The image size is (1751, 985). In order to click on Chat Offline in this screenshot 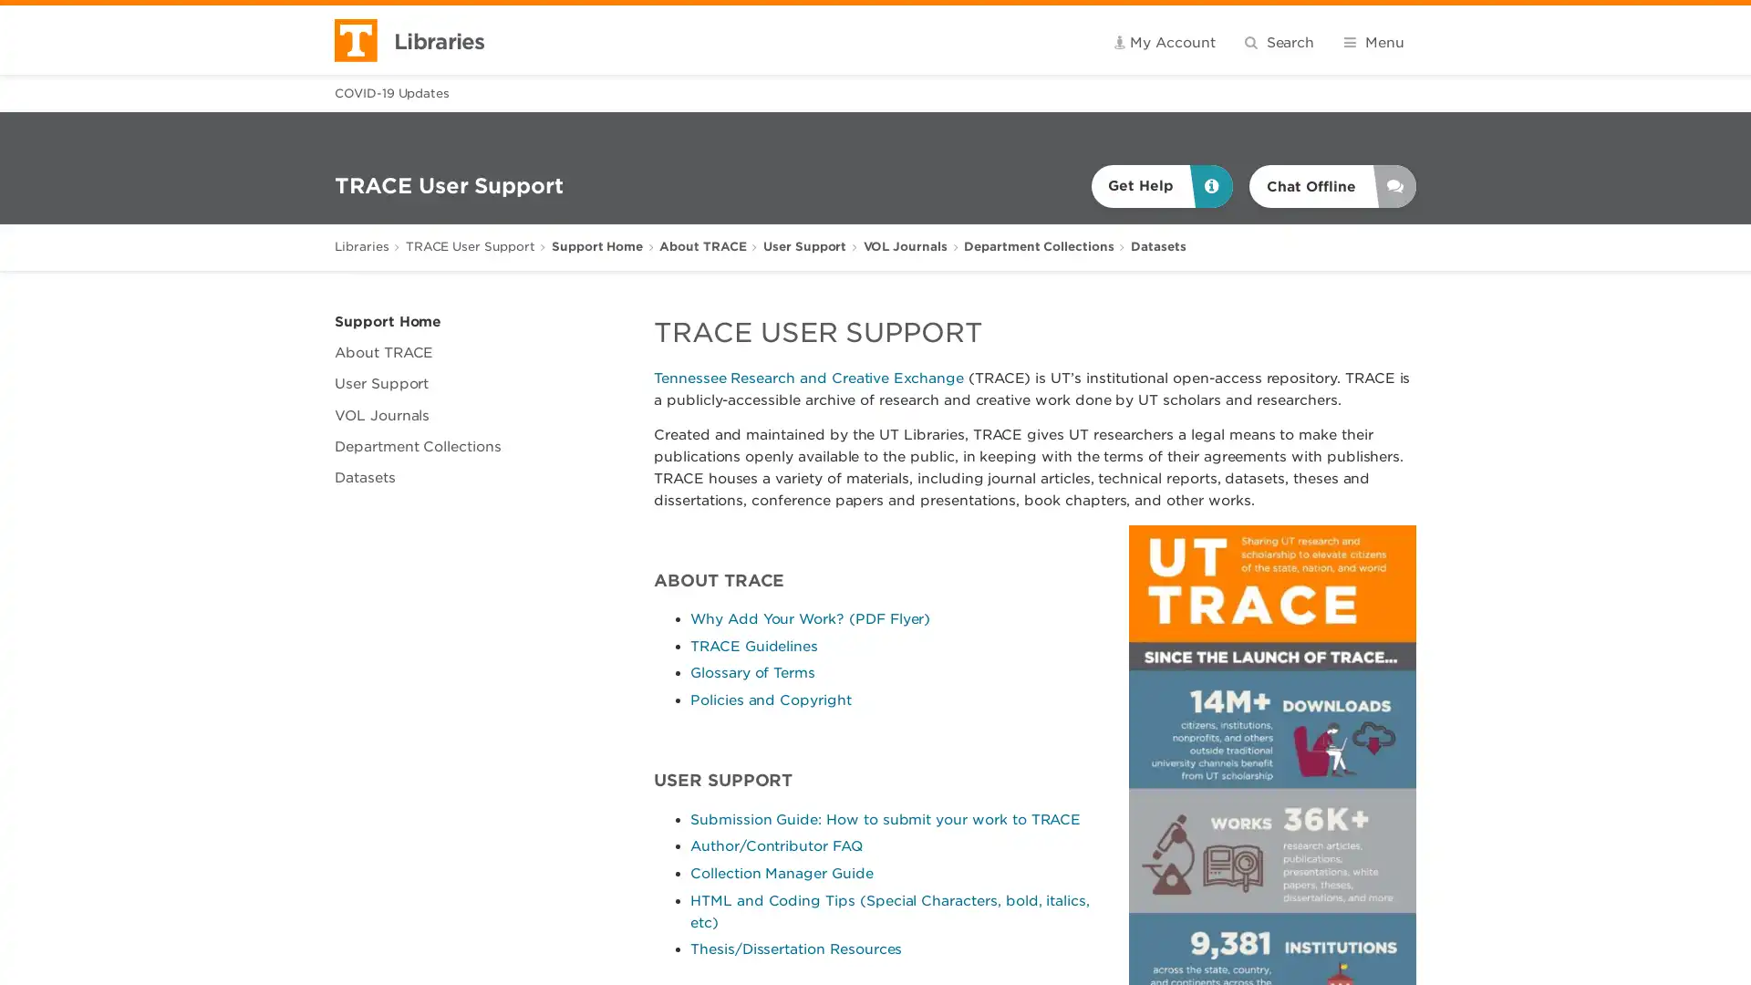, I will do `click(1332, 186)`.